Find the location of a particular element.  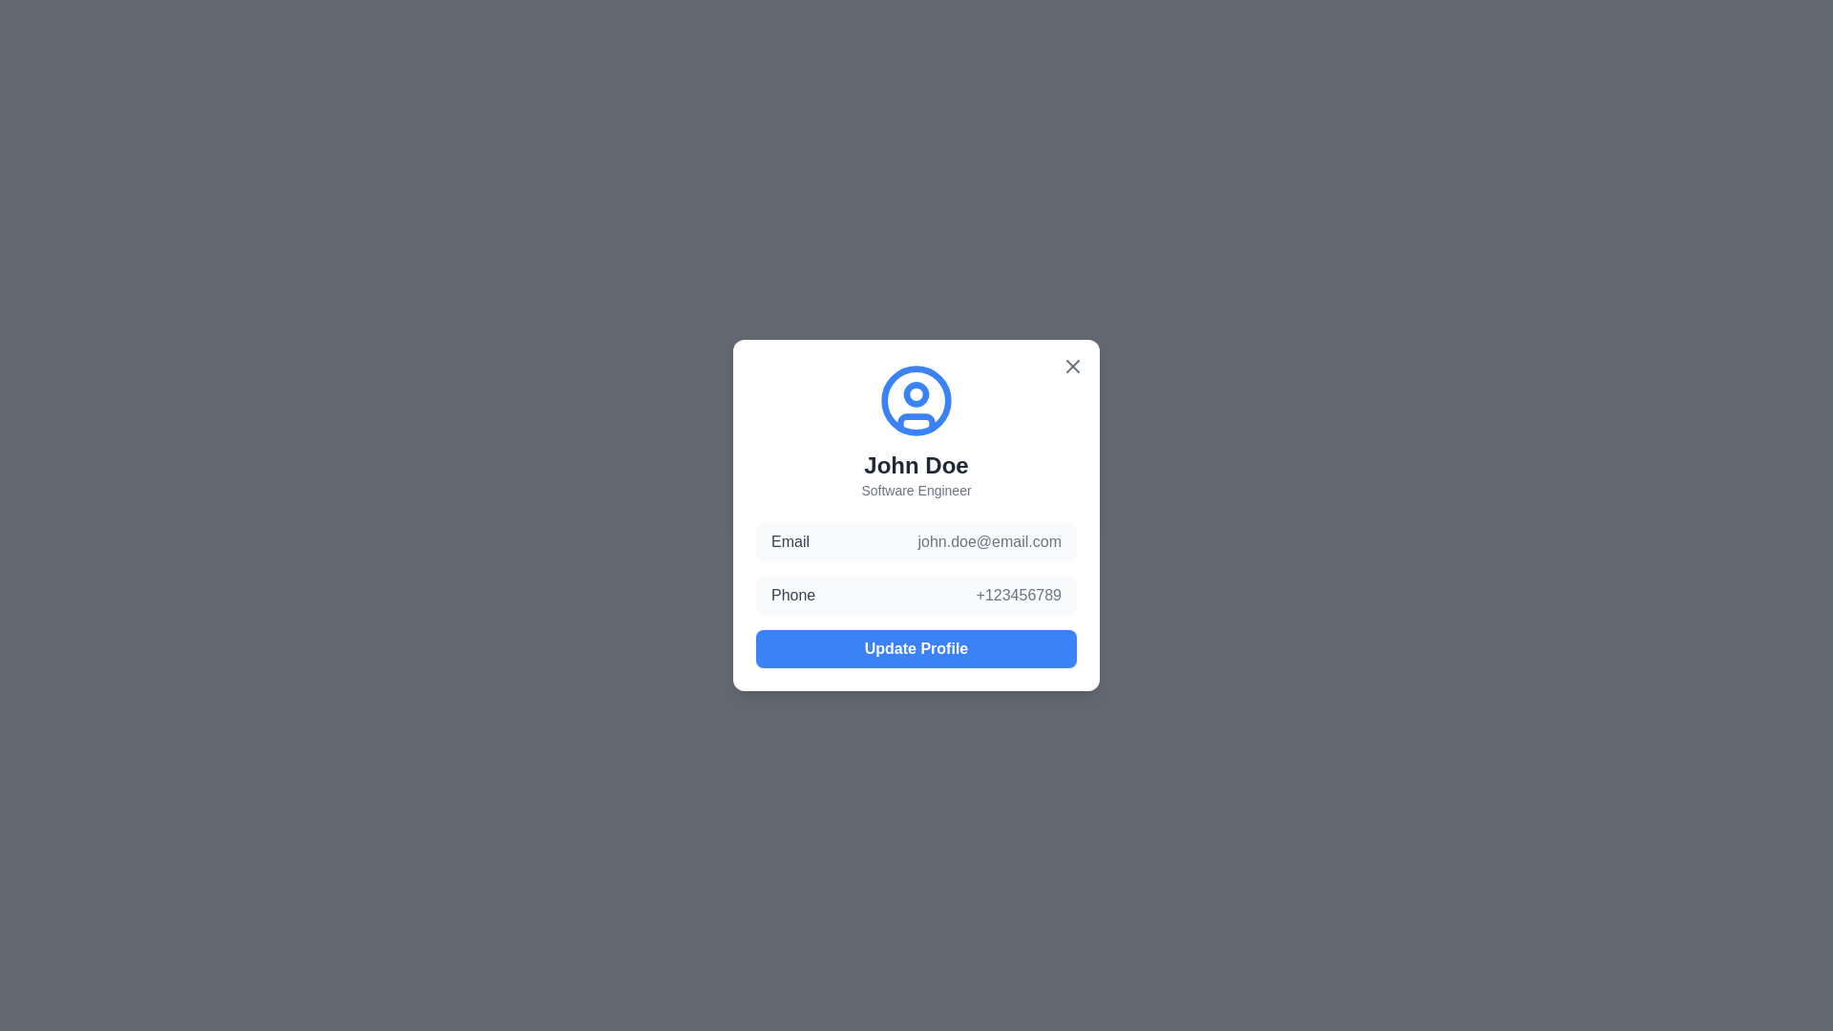

the blue circle component of the user icon, which is the outermost circle in the SVG graphic located at the top-center of the profile card is located at coordinates (916, 400).